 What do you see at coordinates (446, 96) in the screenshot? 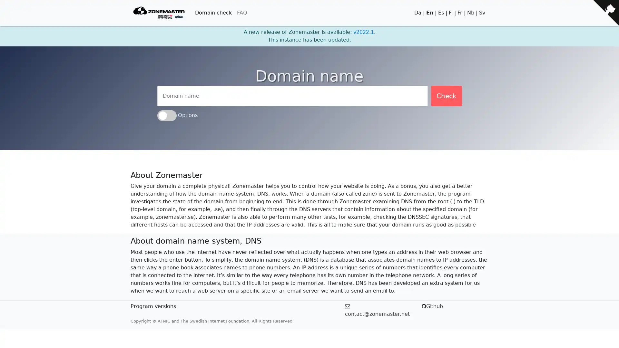
I see `Check` at bounding box center [446, 96].